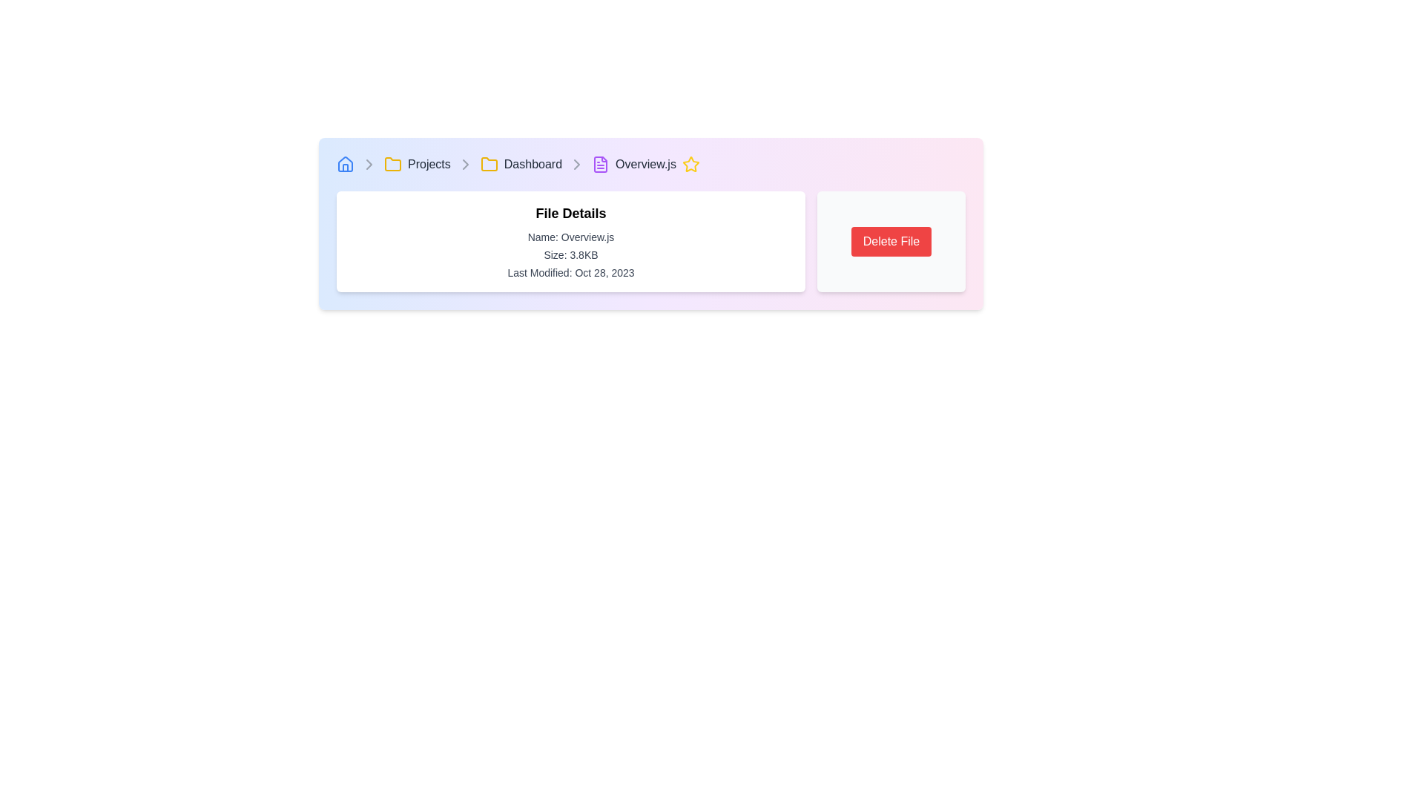 The height and width of the screenshot is (801, 1424). I want to click on the star-shaped icon in the breadcrumb navigation bar, so click(690, 165).